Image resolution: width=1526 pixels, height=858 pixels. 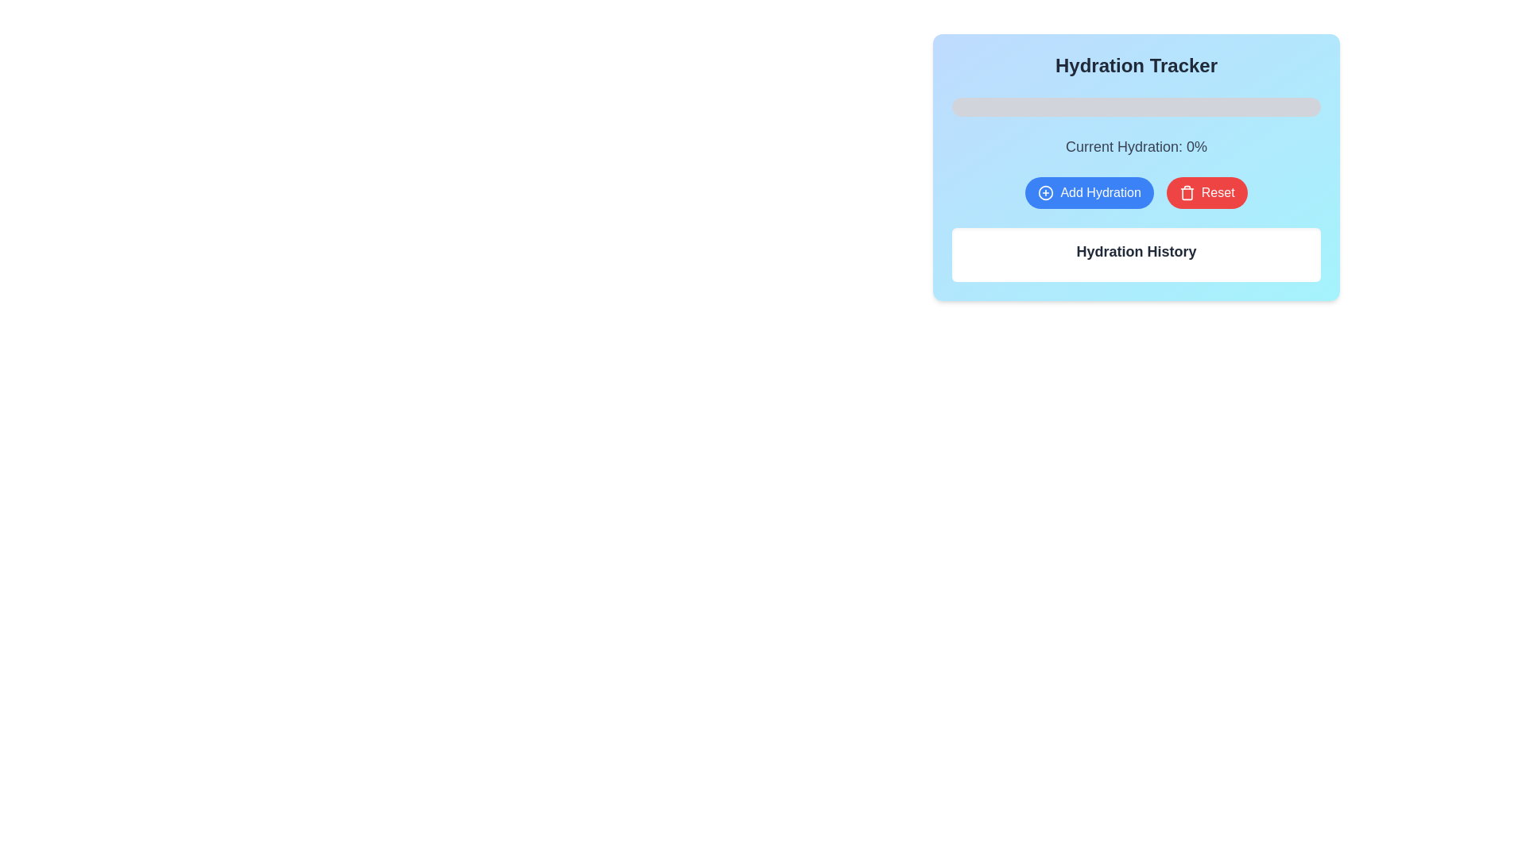 I want to click on the small trash can icon with a red background and white lines, located inside the button labeled 'Reset', positioned below the 'Current Hydration: 0%' label, so click(x=1187, y=192).